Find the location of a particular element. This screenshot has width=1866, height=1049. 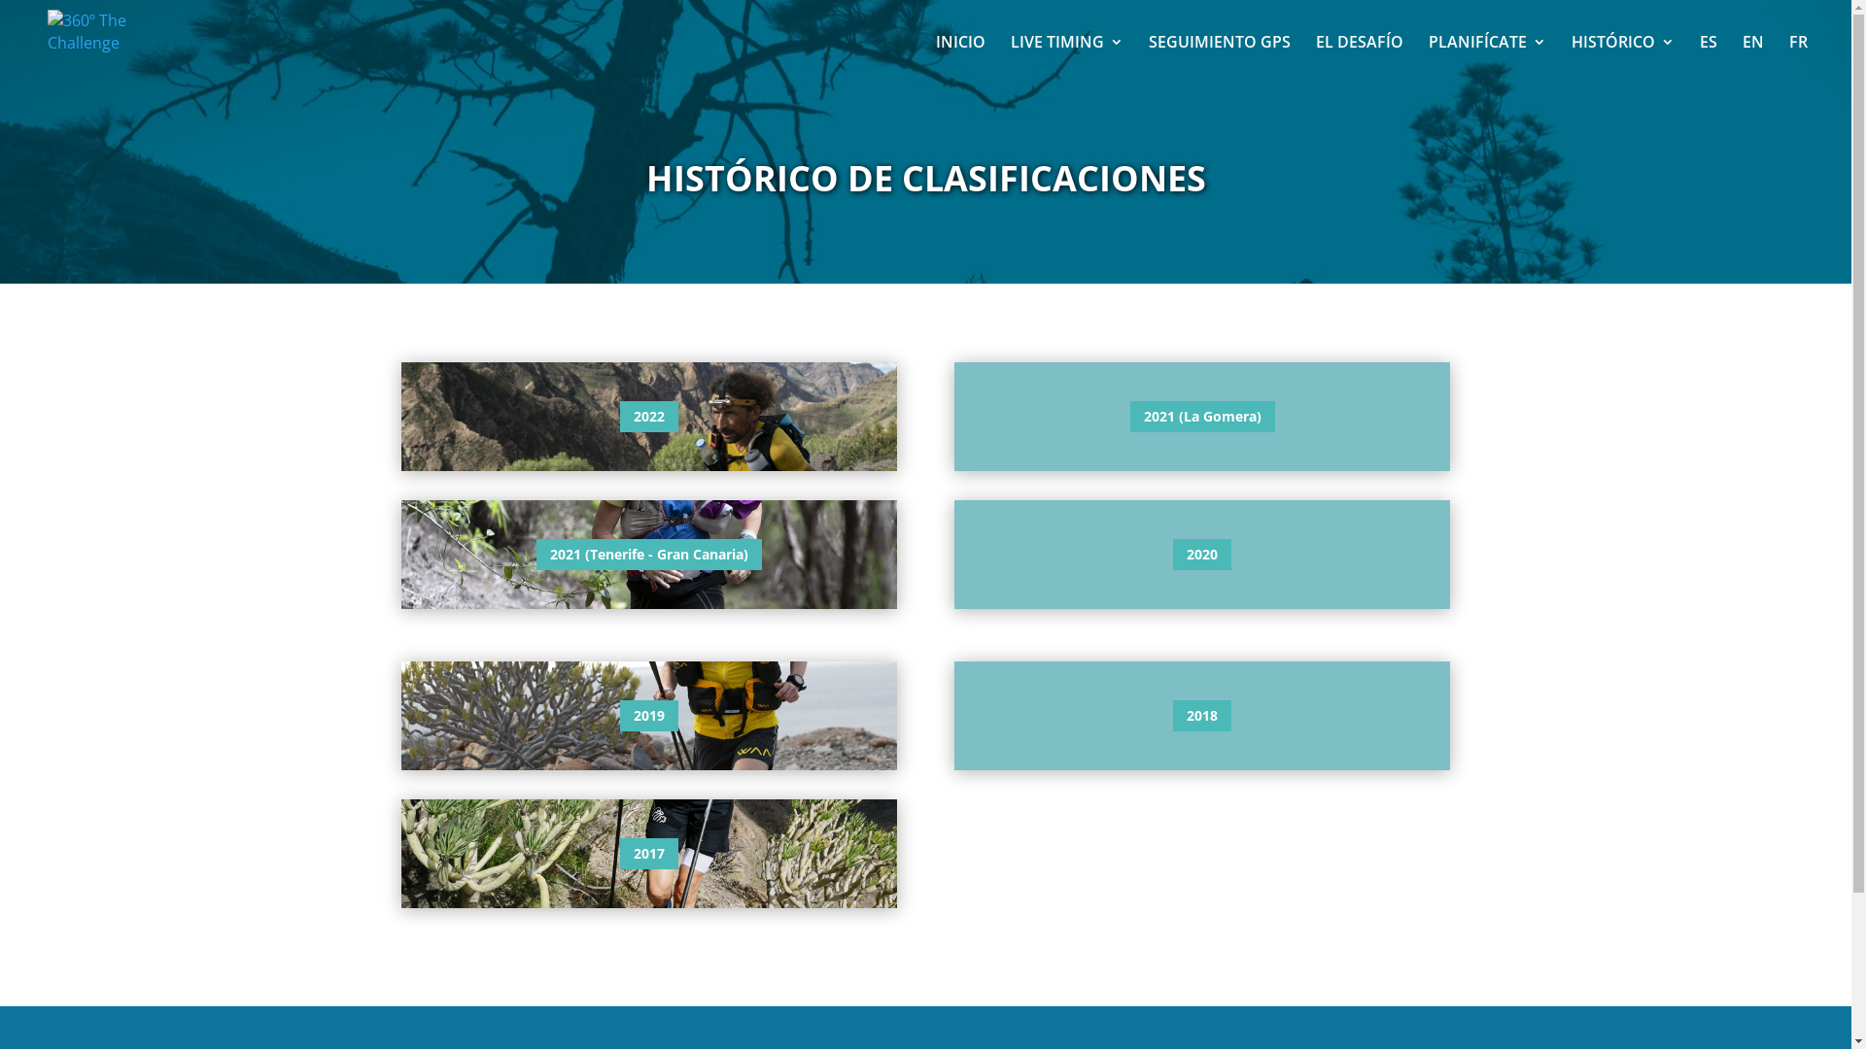

'2018' is located at coordinates (1201, 715).